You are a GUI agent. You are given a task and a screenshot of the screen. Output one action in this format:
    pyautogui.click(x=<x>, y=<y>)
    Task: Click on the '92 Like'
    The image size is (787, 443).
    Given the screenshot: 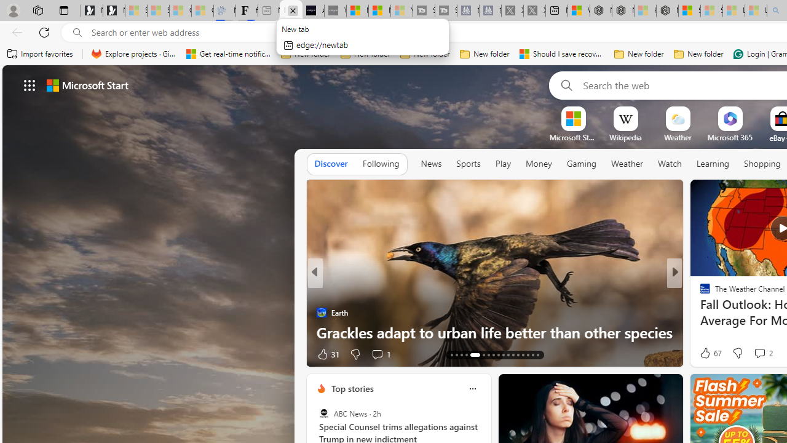 What is the action you would take?
    pyautogui.click(x=706, y=354)
    